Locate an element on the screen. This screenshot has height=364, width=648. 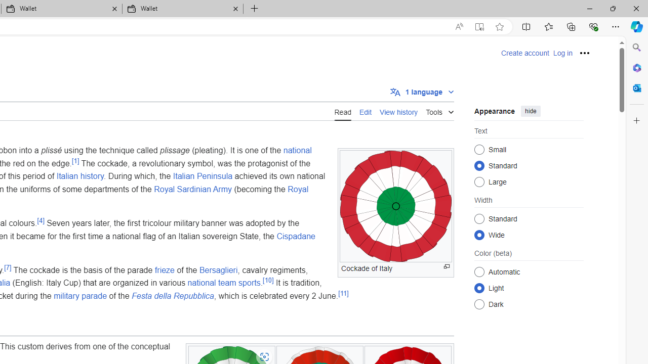
'military parade' is located at coordinates (80, 296).